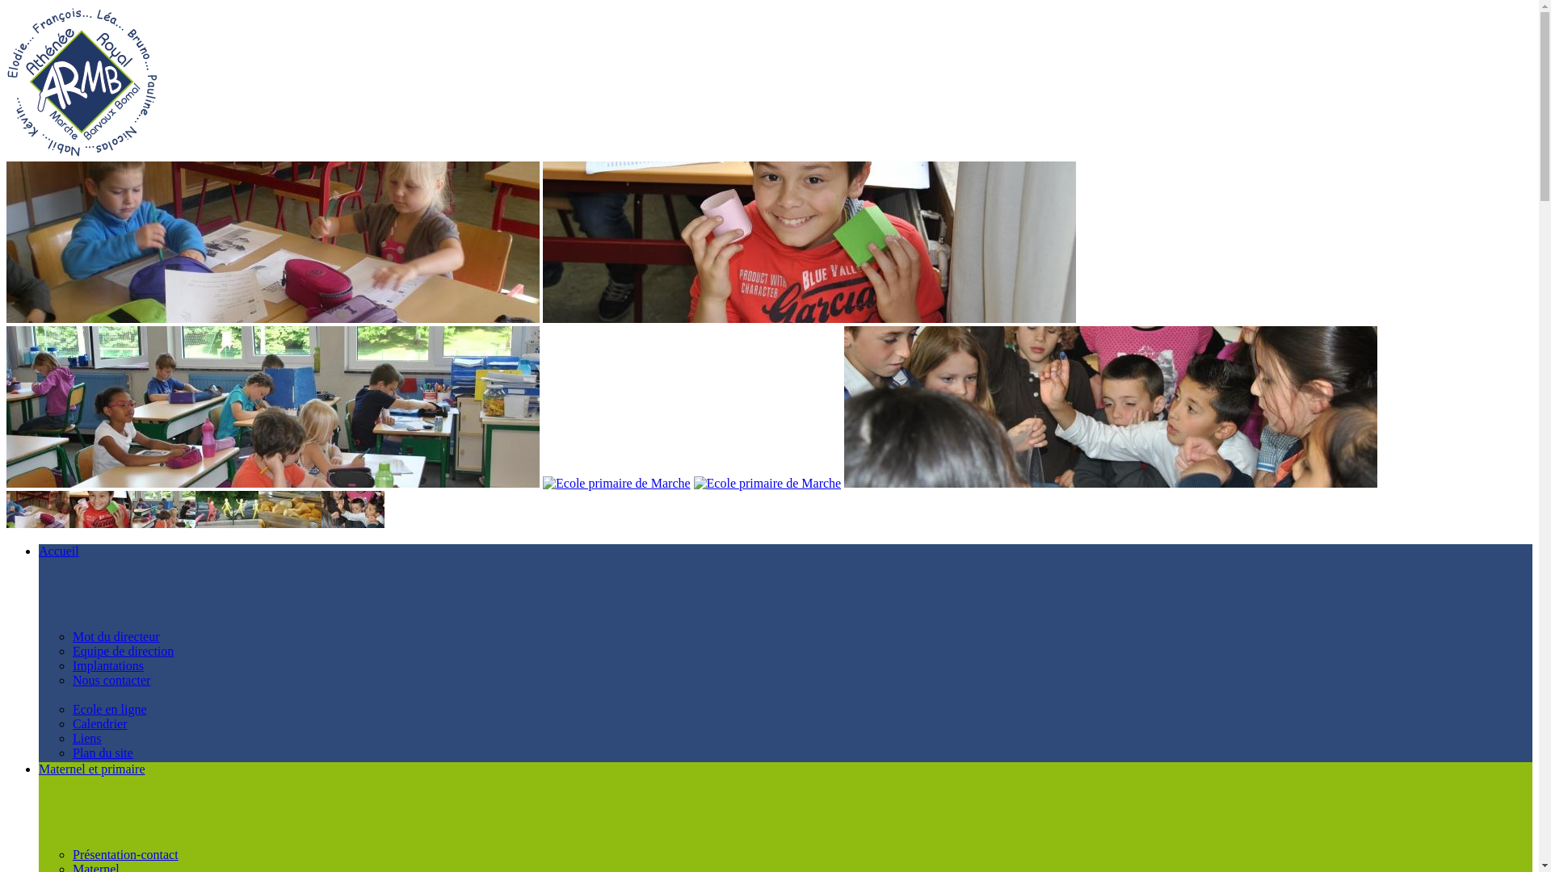 The image size is (1551, 872). What do you see at coordinates (86, 738) in the screenshot?
I see `'Liens'` at bounding box center [86, 738].